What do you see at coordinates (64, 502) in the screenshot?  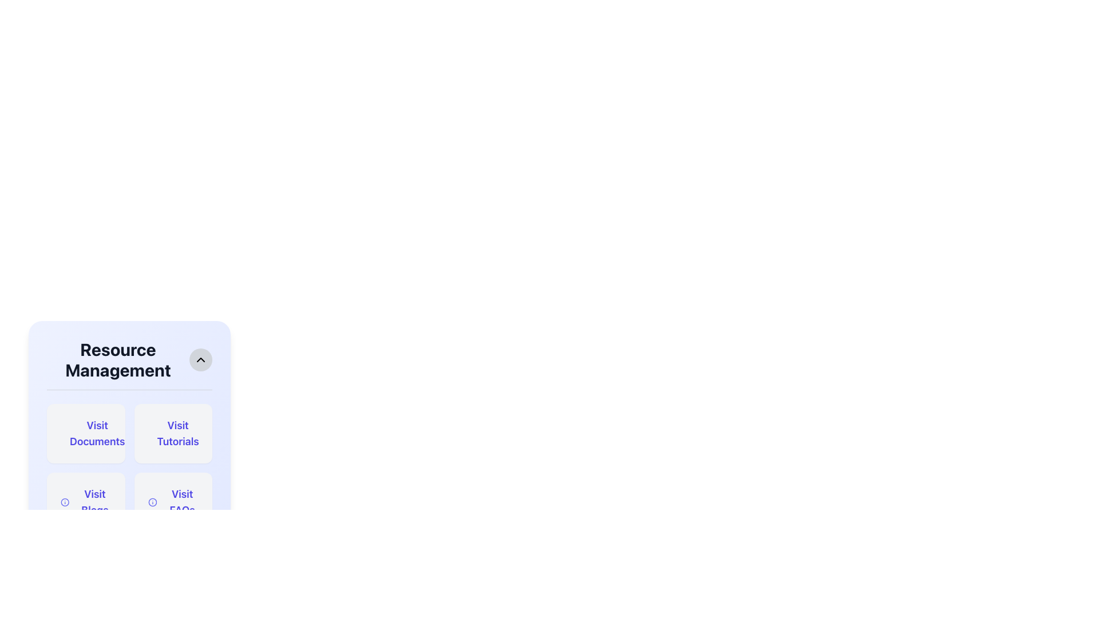 I see `the decorative vector graphic circle that represents an 'info' or 'help' icon, located near the 'Visit FAQs' text in the 'Resource Management' menu card` at bounding box center [64, 502].